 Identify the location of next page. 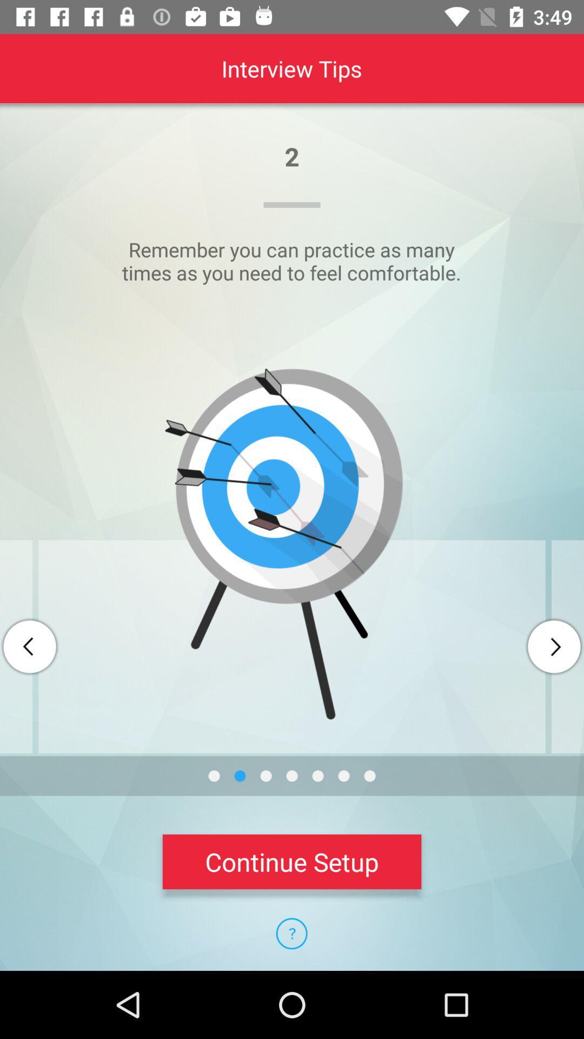
(554, 647).